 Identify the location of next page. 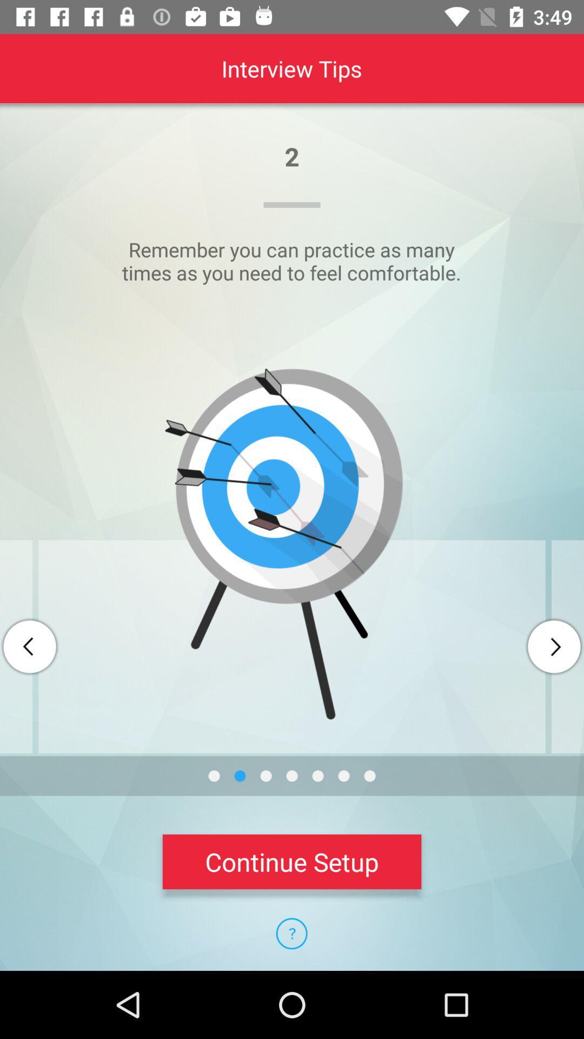
(554, 647).